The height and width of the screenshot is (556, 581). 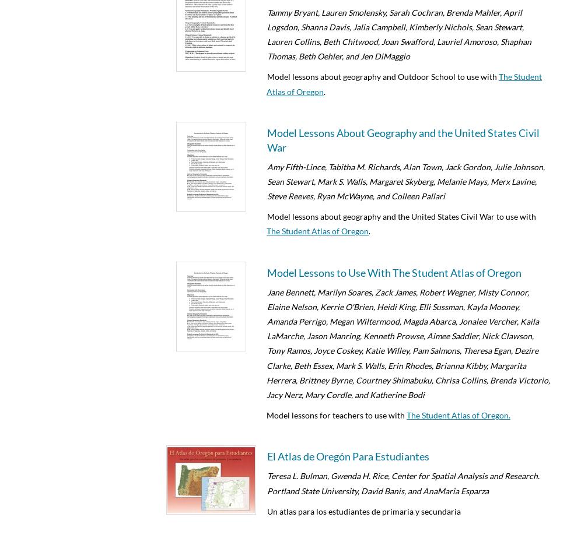 I want to click on 'Amy Fifth-­Lince, Tabitha M. Richards, Alan Town, Jack Gordon, Julie Johnson, Sean Stewart, Mark S. Walls, Margaret Skyberg, Melanie Mays, Merx Lavine, Steve Reeves, Ryan McWayne, and Colleen Pallari', so click(x=406, y=181).